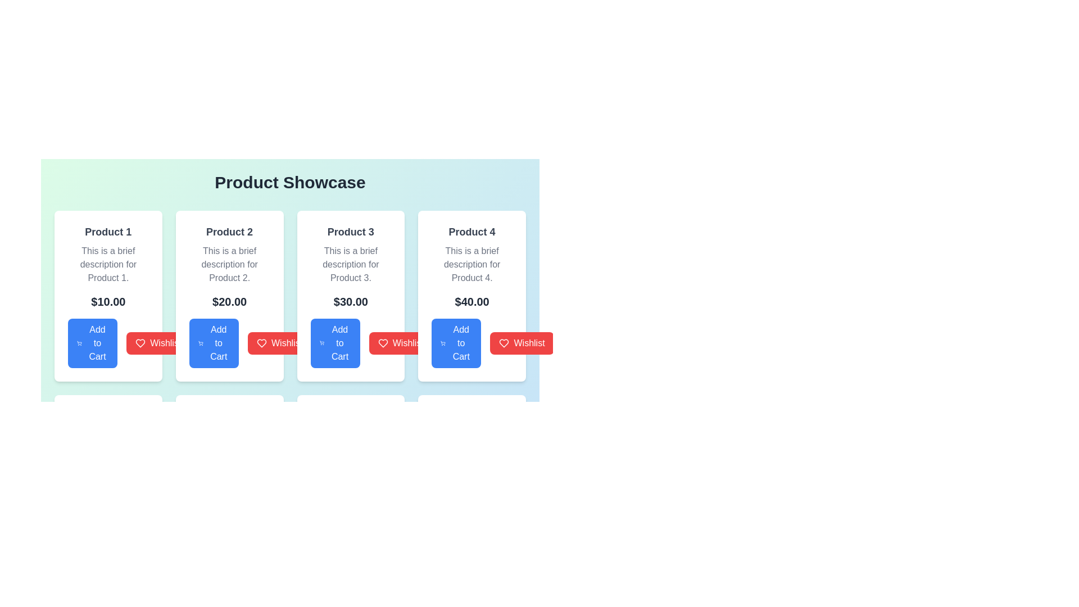 The width and height of the screenshot is (1079, 607). What do you see at coordinates (229, 231) in the screenshot?
I see `the static text label 'Product 2', which is styled in a large bold font and dark gray color, located at the top of the second card in a grid of four cards` at bounding box center [229, 231].